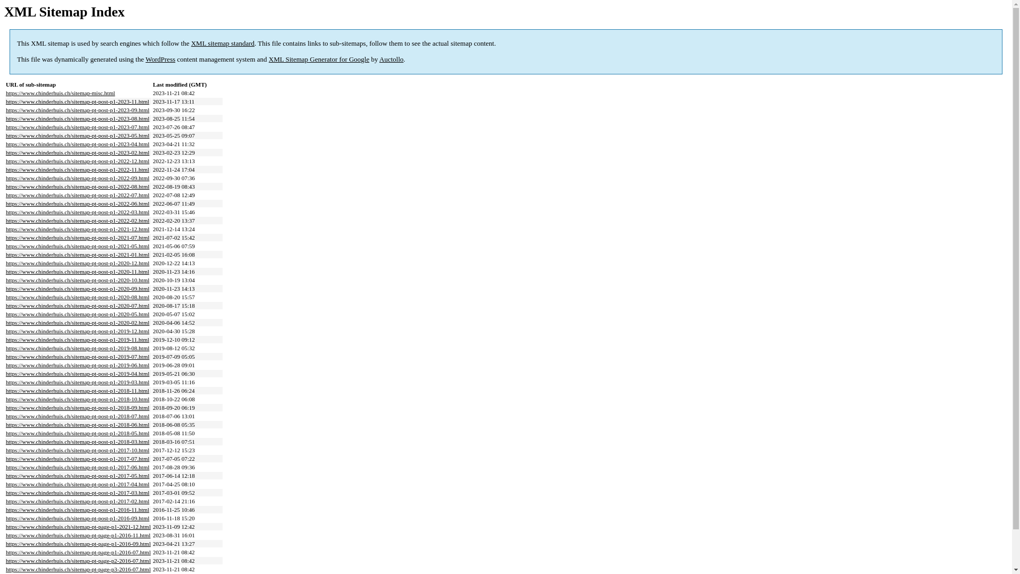  What do you see at coordinates (76, 322) in the screenshot?
I see `'https://www.chinderhuis.ch/sitemap-pt-post-p1-2020-02.html'` at bounding box center [76, 322].